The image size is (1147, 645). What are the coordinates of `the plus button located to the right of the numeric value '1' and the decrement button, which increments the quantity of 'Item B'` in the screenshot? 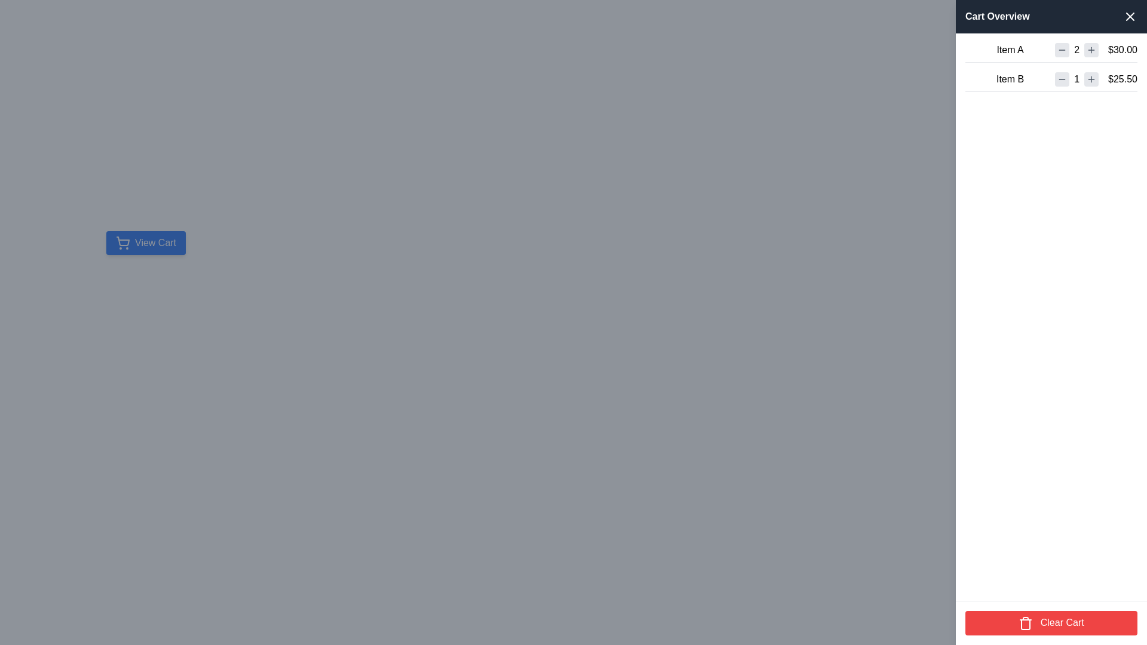 It's located at (1091, 79).